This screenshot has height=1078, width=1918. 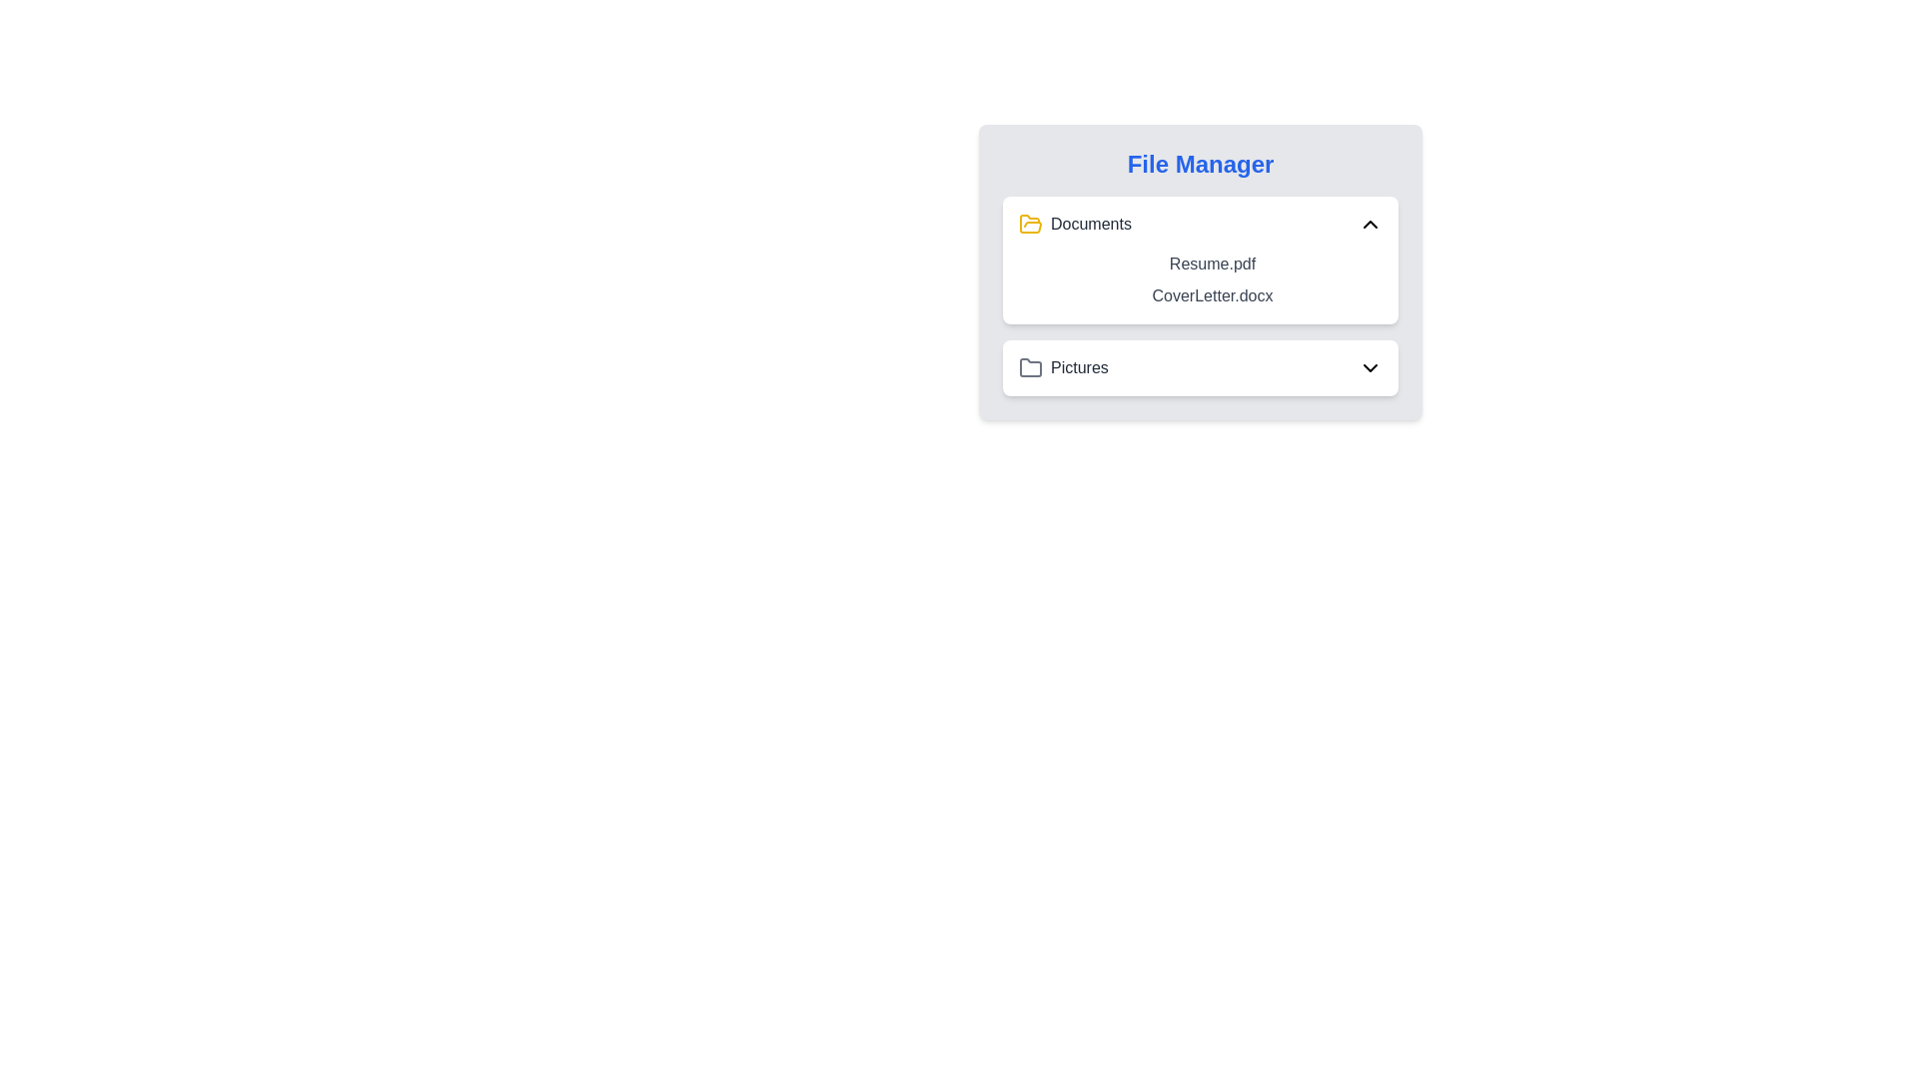 I want to click on the 'Pictures' folder icon, so click(x=1031, y=366).